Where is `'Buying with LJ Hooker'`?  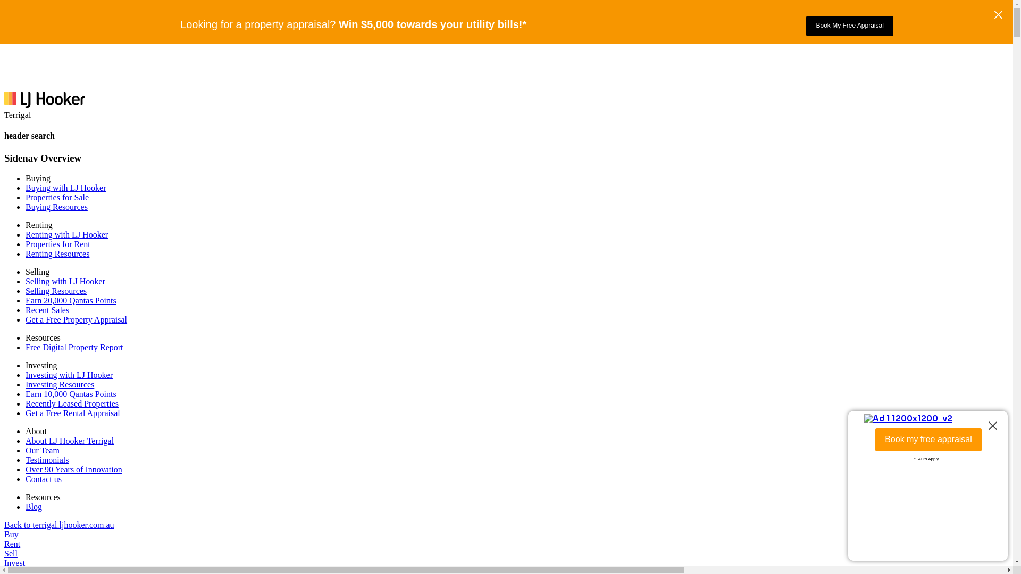
'Buying with LJ Hooker' is located at coordinates (26, 187).